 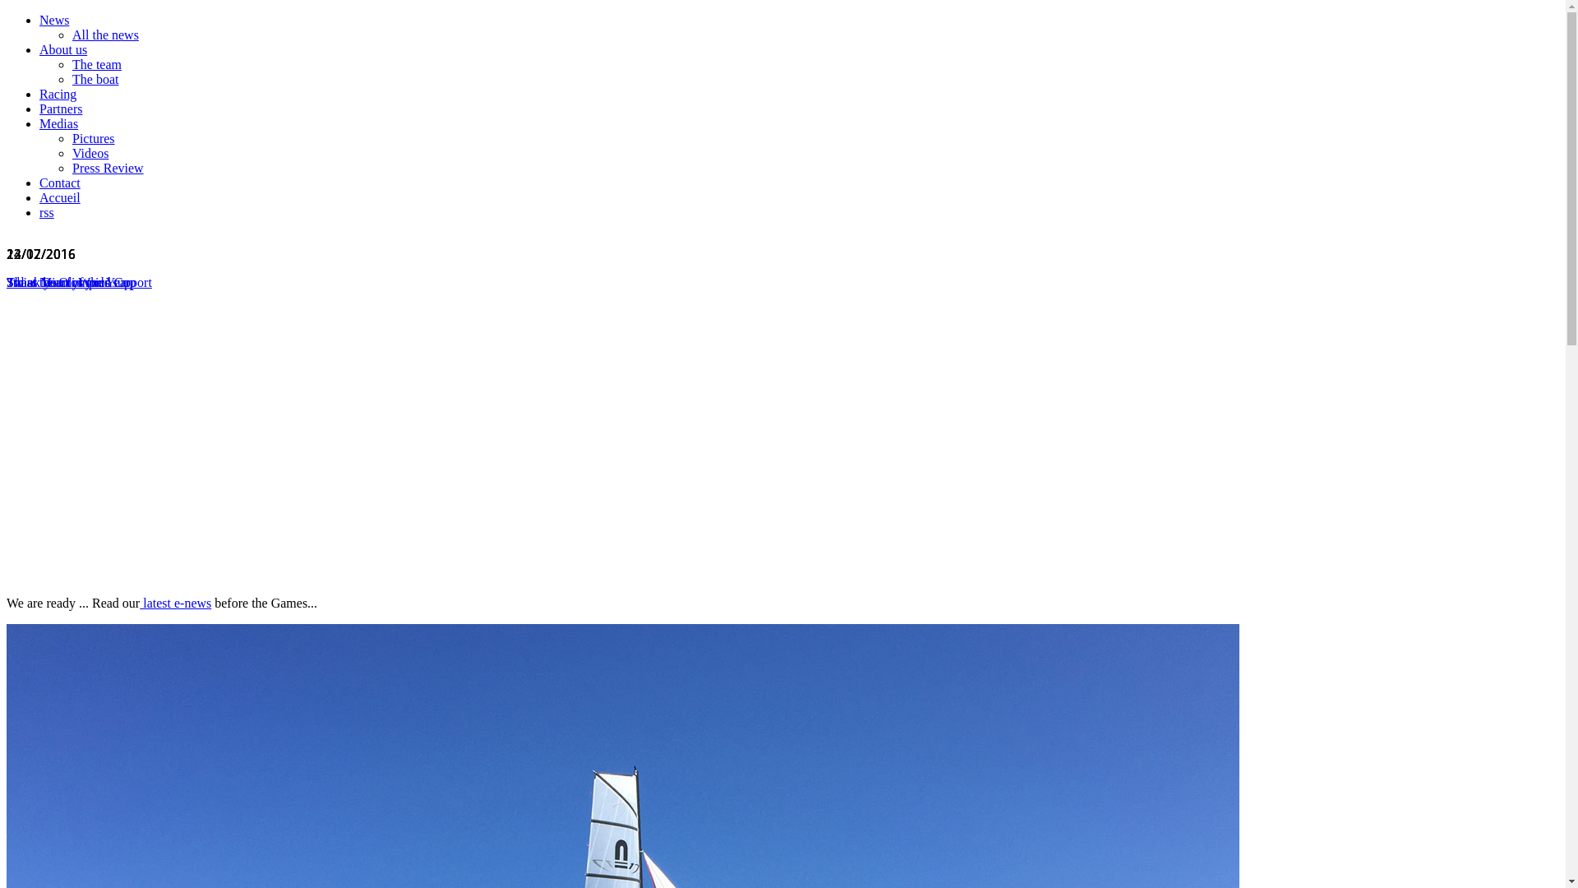 What do you see at coordinates (90, 153) in the screenshot?
I see `'Videos'` at bounding box center [90, 153].